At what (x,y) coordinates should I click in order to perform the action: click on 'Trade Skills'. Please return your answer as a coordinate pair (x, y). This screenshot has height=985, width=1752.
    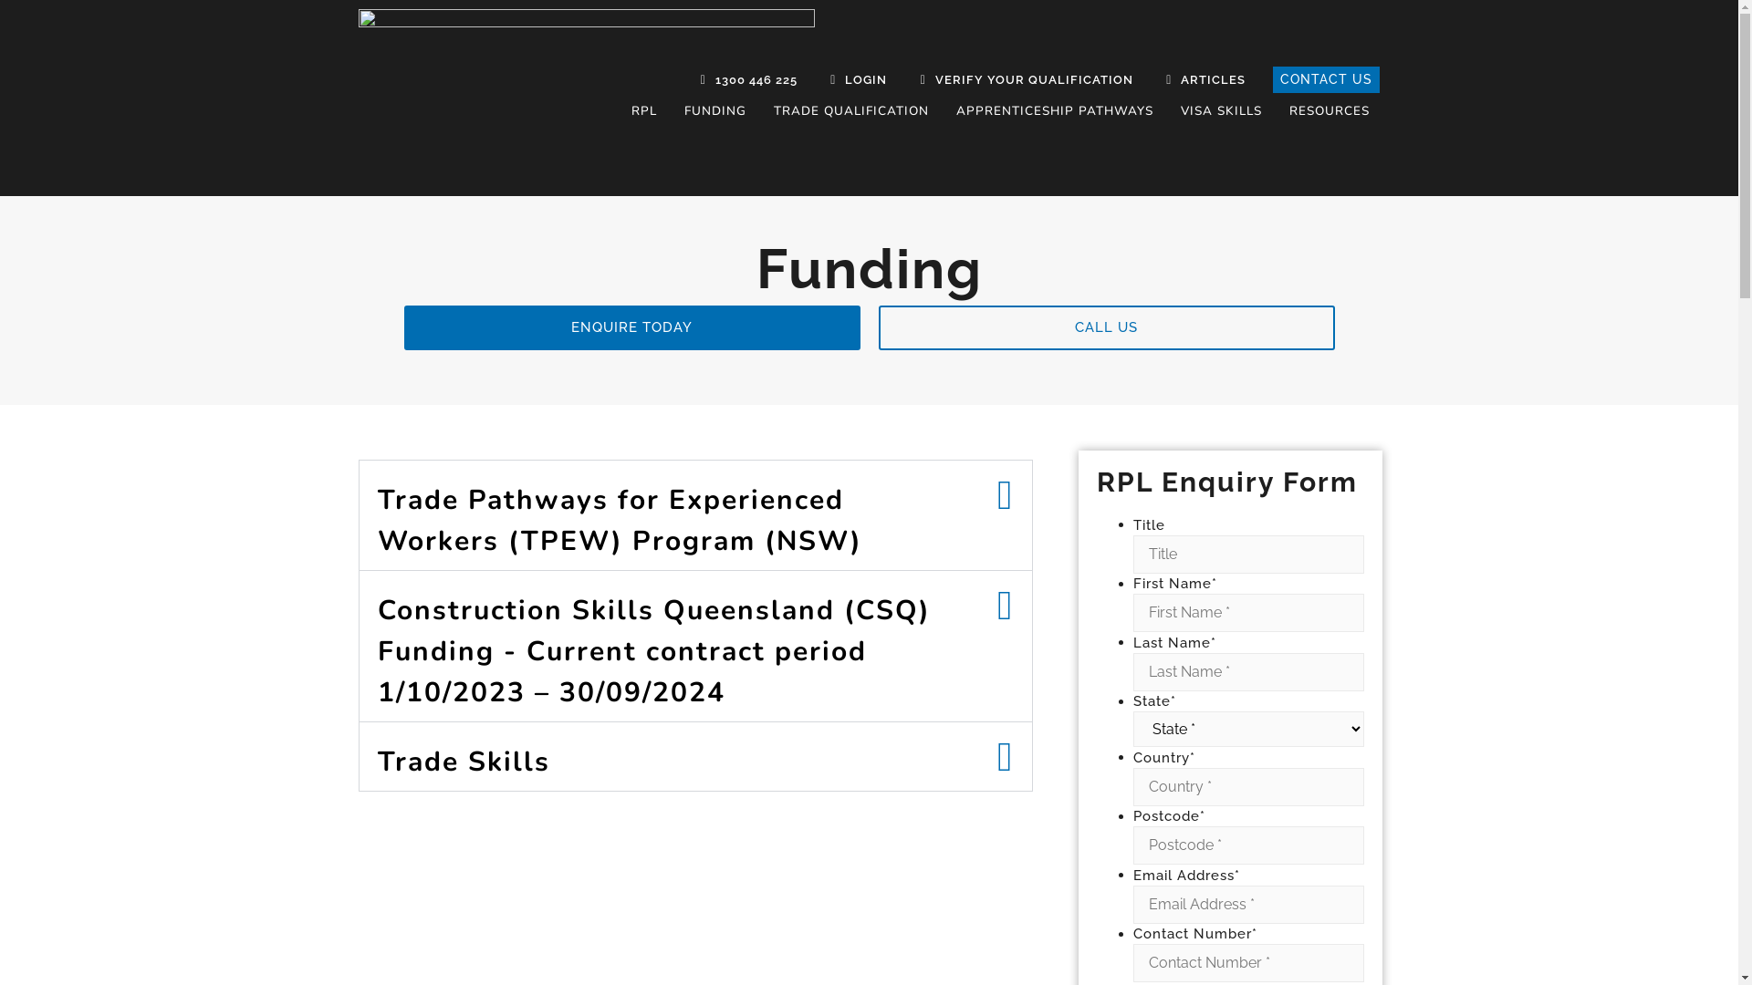
    Looking at the image, I should click on (464, 762).